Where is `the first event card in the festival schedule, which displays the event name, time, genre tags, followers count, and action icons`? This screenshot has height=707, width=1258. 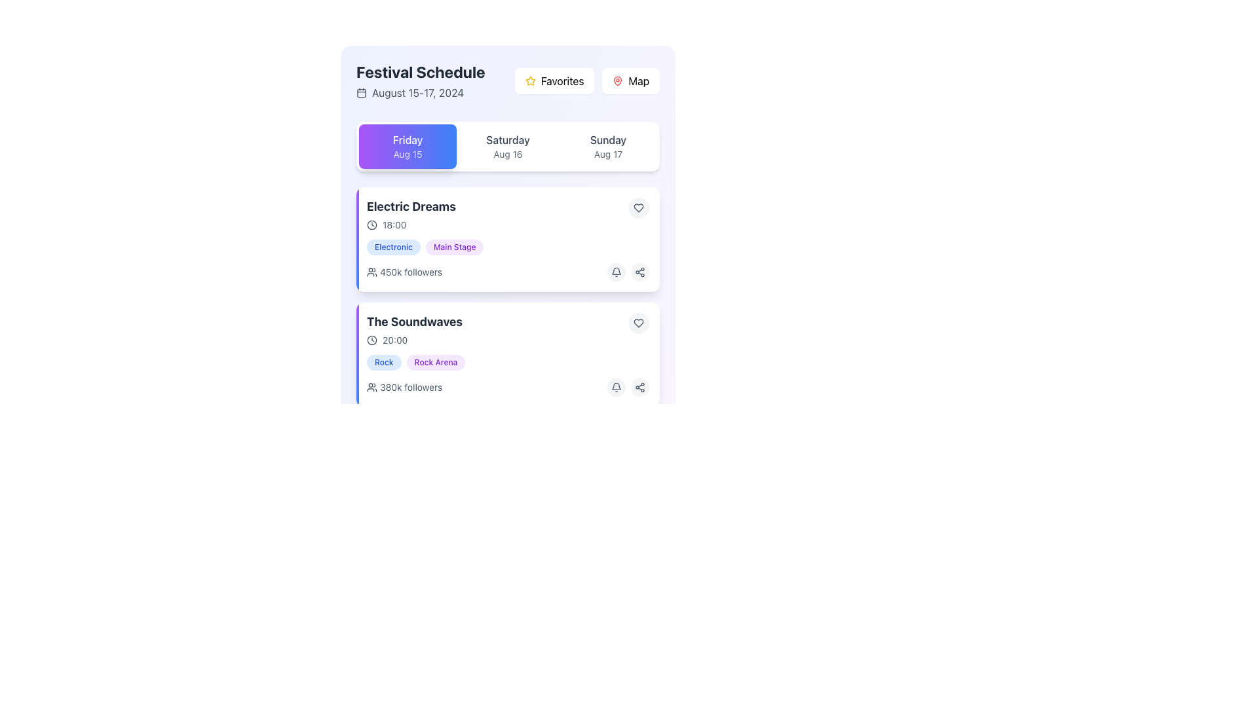
the first event card in the festival schedule, which displays the event name, time, genre tags, followers count, and action icons is located at coordinates (507, 240).